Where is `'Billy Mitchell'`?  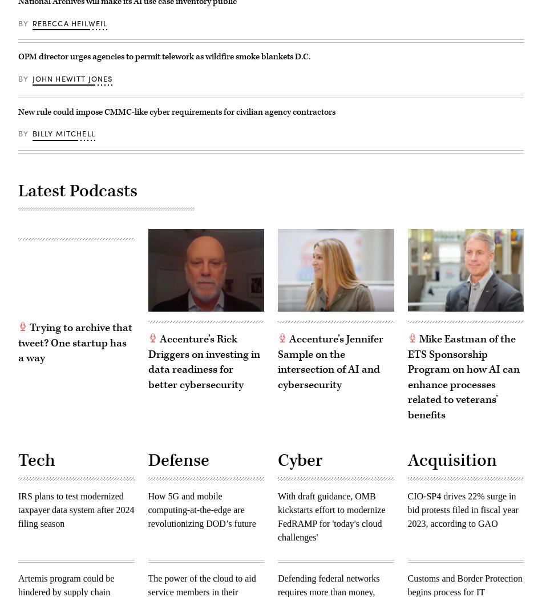 'Billy Mitchell' is located at coordinates (63, 132).